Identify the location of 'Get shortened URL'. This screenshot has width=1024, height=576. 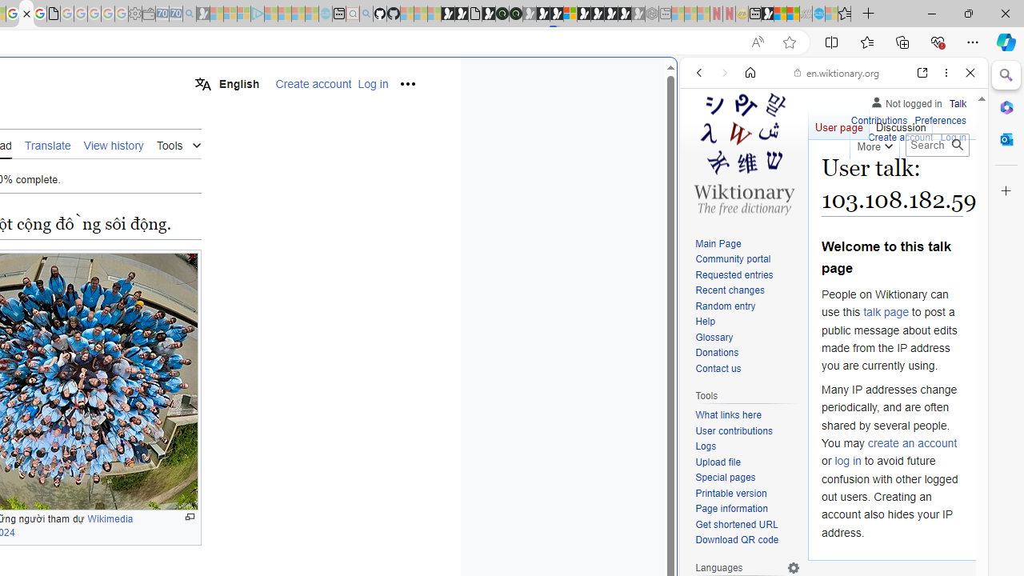
(747, 525).